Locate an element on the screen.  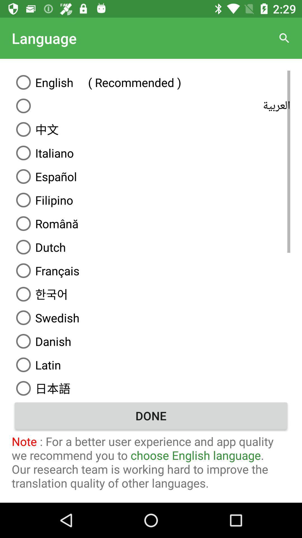
the item below latin icon is located at coordinates (151, 387).